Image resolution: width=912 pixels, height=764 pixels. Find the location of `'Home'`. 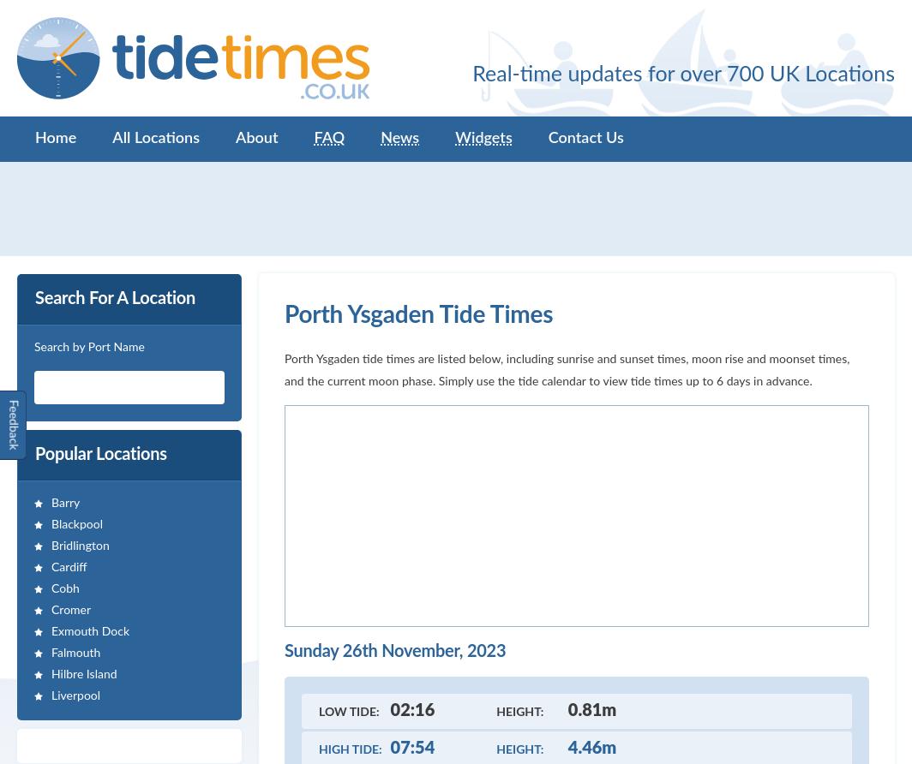

'Home' is located at coordinates (56, 137).